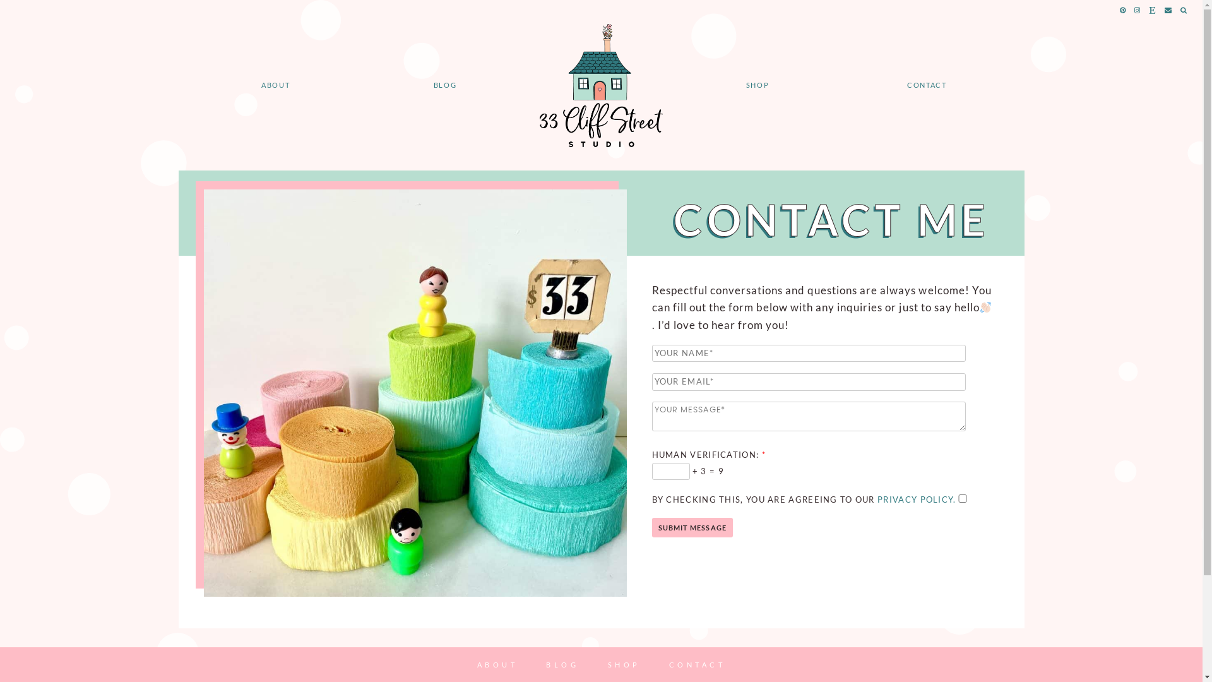 Image resolution: width=1212 pixels, height=682 pixels. What do you see at coordinates (562, 664) in the screenshot?
I see `'BLOG'` at bounding box center [562, 664].